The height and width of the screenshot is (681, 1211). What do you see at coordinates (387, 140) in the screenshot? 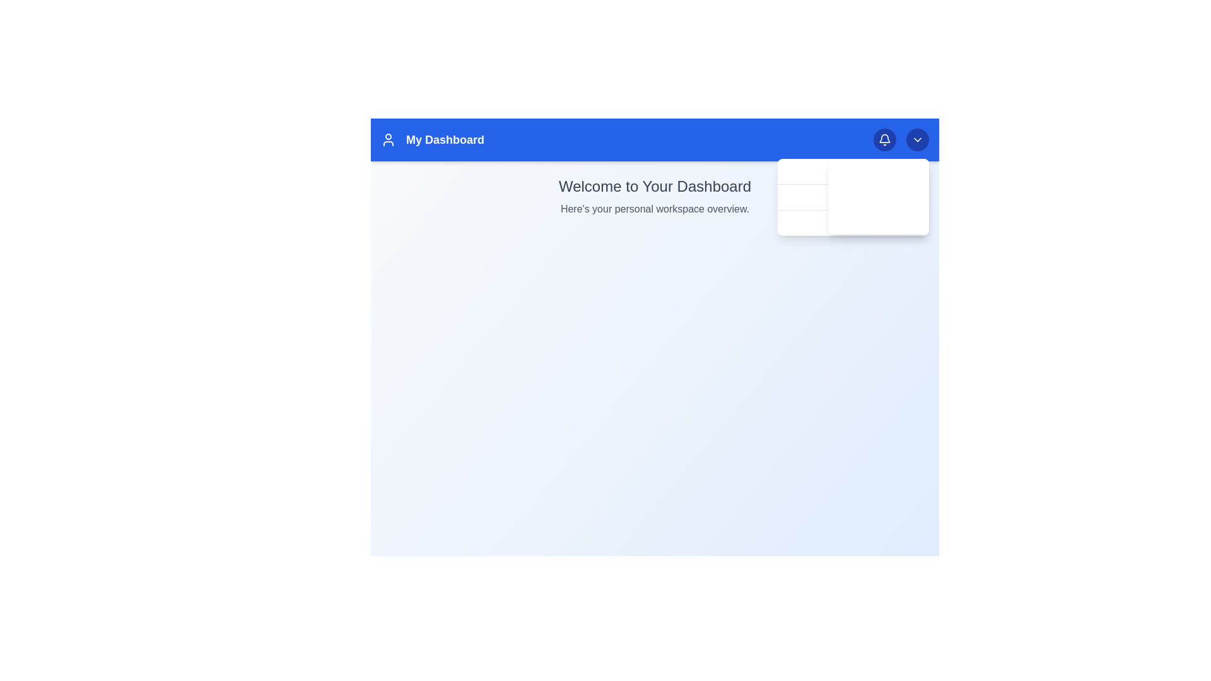
I see `the user icon, which is a white outlined figure of a person on a blue background, located to the left of the 'My Dashboard' text label in the header bar` at bounding box center [387, 140].